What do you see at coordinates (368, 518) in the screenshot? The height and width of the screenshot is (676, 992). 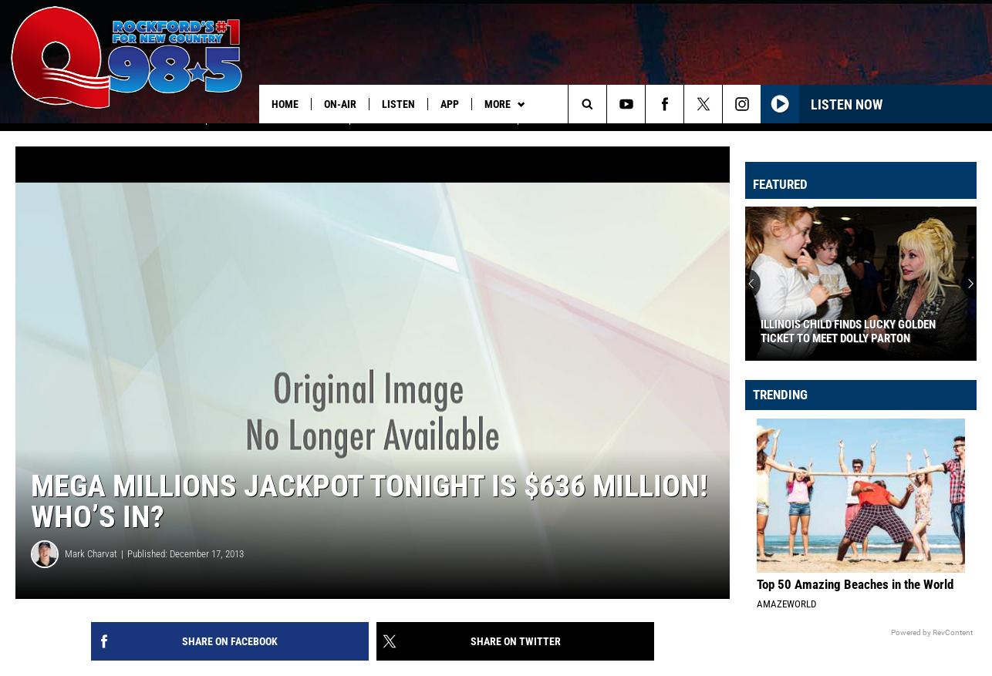 I see `'Mega Millions jackpot tonight is $636 million! Who’s in?'` at bounding box center [368, 518].